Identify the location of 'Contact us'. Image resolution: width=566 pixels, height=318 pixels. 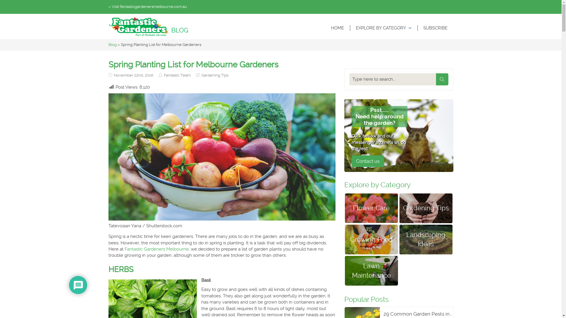
(367, 161).